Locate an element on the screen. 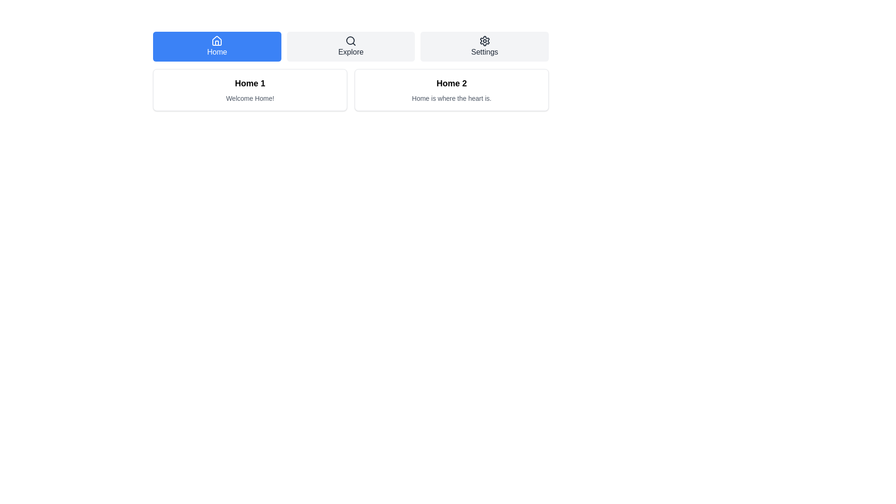 The width and height of the screenshot is (896, 504). the text label reading 'Welcome Home!' which is styled in a small gray font and located below the label 'Home 1' is located at coordinates (250, 98).